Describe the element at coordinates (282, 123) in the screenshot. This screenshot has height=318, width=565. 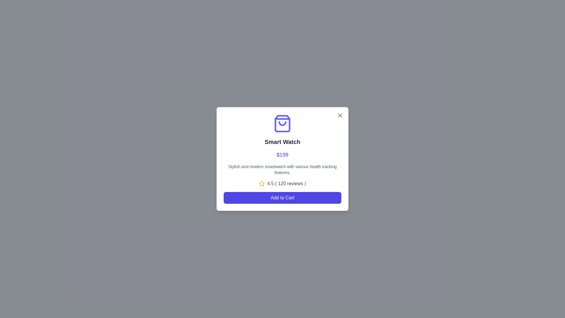
I see `the shopping bag icon with a smiling face in a purple color scheme, located centrally above the title 'Smart Watch.'` at that location.